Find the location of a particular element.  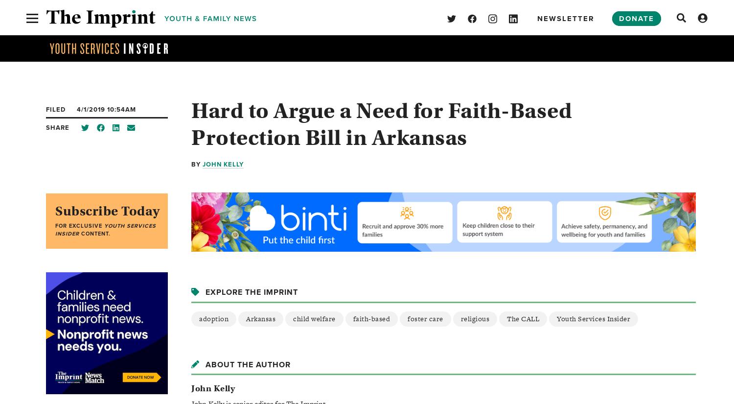

'religious' is located at coordinates (474, 318).